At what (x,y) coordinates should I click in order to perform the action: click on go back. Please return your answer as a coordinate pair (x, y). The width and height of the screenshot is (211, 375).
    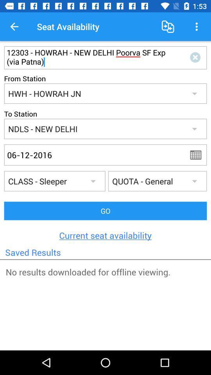
    Looking at the image, I should click on (198, 154).